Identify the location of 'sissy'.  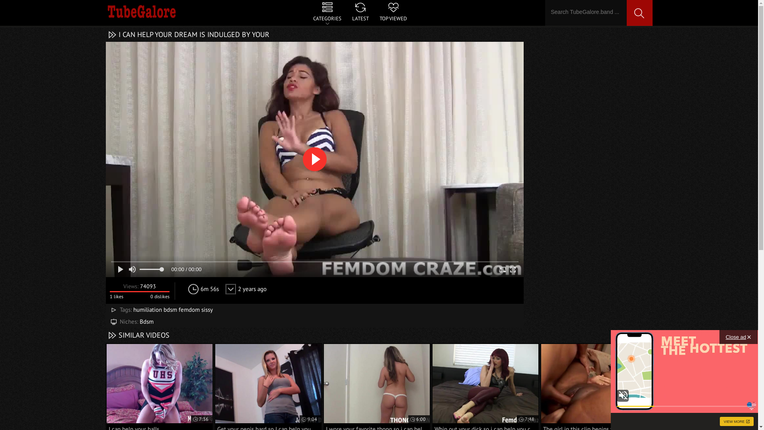
(201, 309).